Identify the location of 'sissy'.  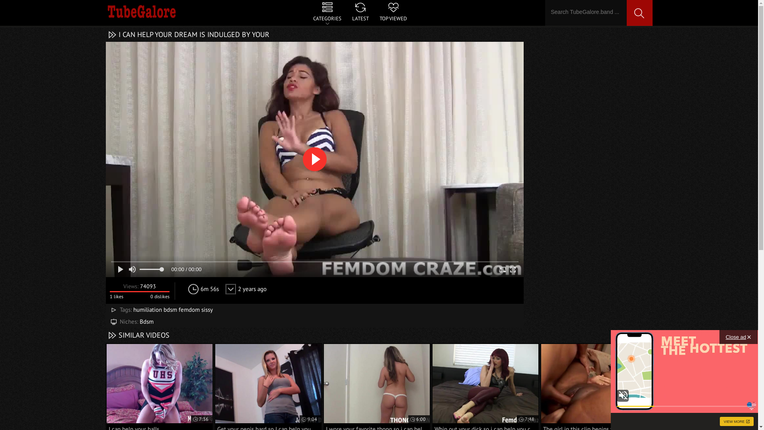
(201, 309).